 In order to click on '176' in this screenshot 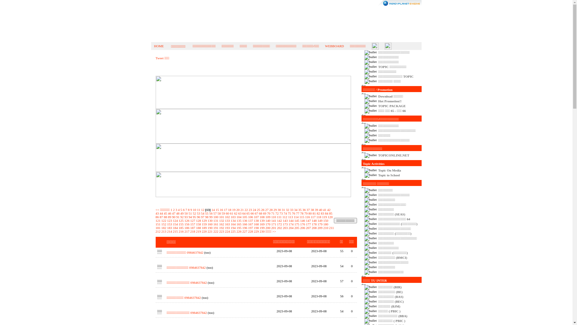, I will do `click(303, 224)`.